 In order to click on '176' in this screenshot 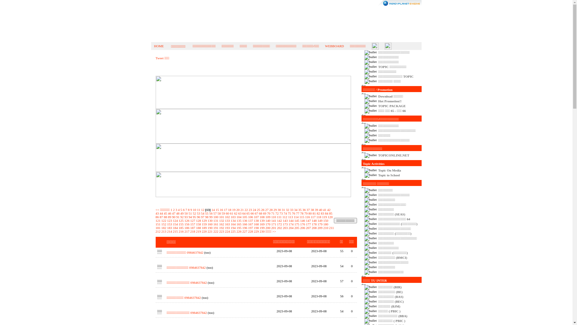, I will do `click(303, 224)`.